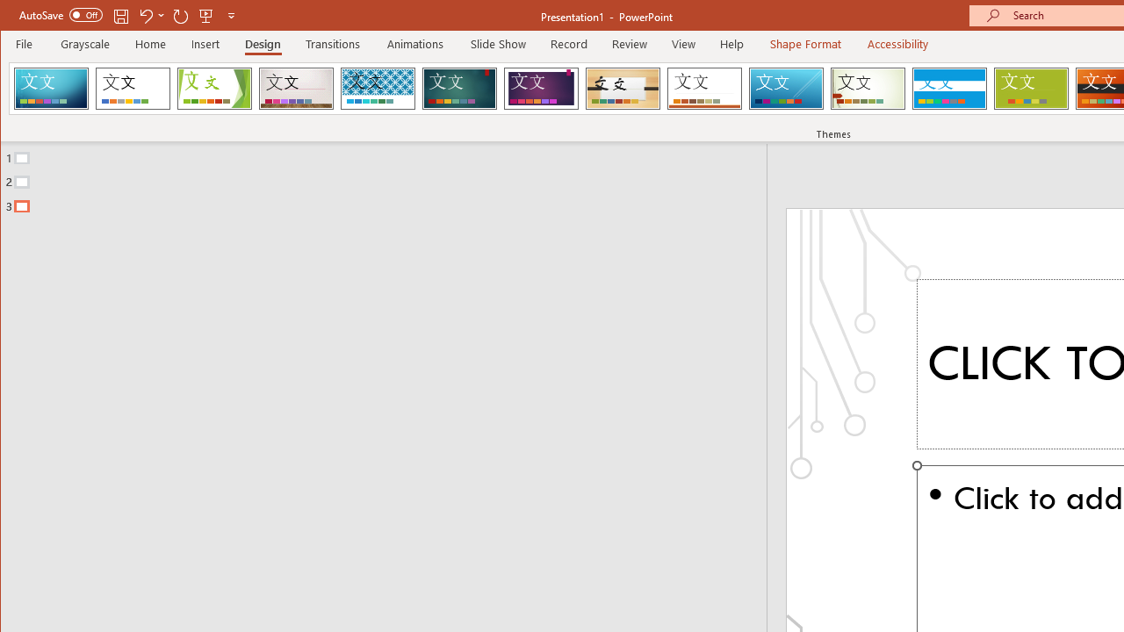 The width and height of the screenshot is (1124, 632). What do you see at coordinates (150, 43) in the screenshot?
I see `'Home'` at bounding box center [150, 43].